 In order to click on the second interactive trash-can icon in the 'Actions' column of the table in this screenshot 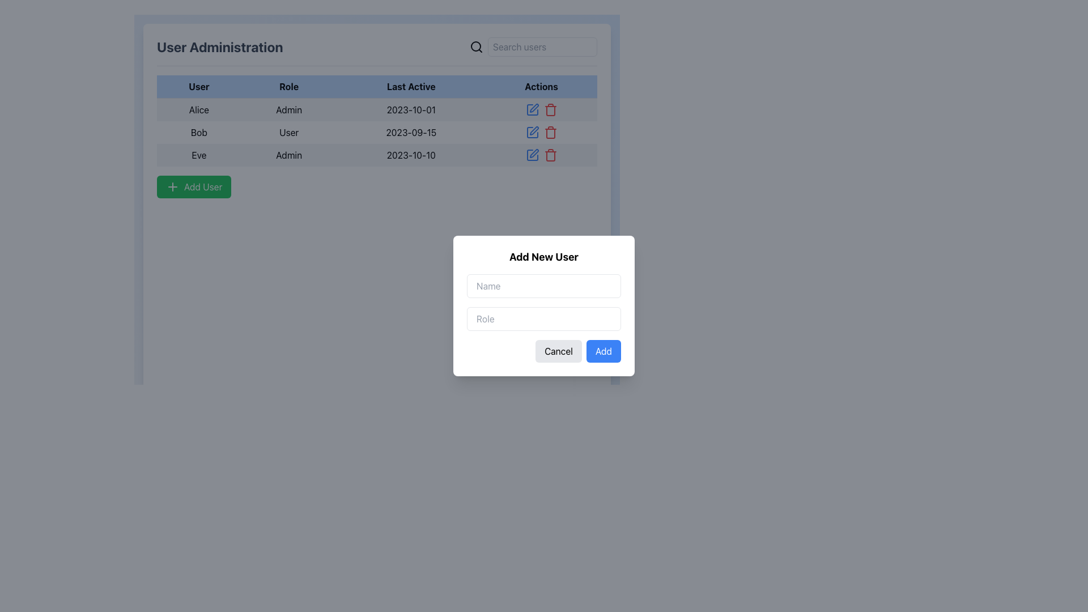, I will do `click(550, 109)`.